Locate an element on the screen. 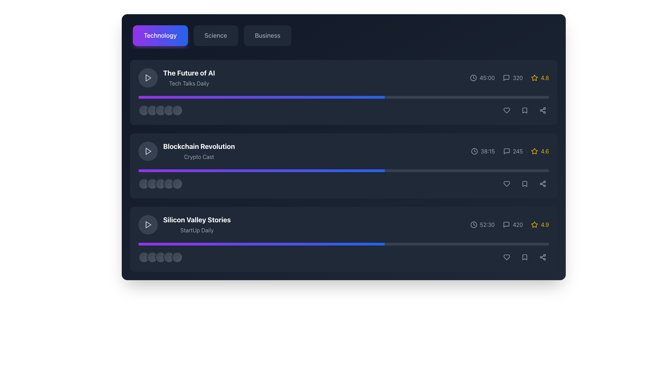 The image size is (666, 374). the yellow outlined star rating icon in the second row of the podcast entry 'Blockchain Revolution' is located at coordinates (534, 151).